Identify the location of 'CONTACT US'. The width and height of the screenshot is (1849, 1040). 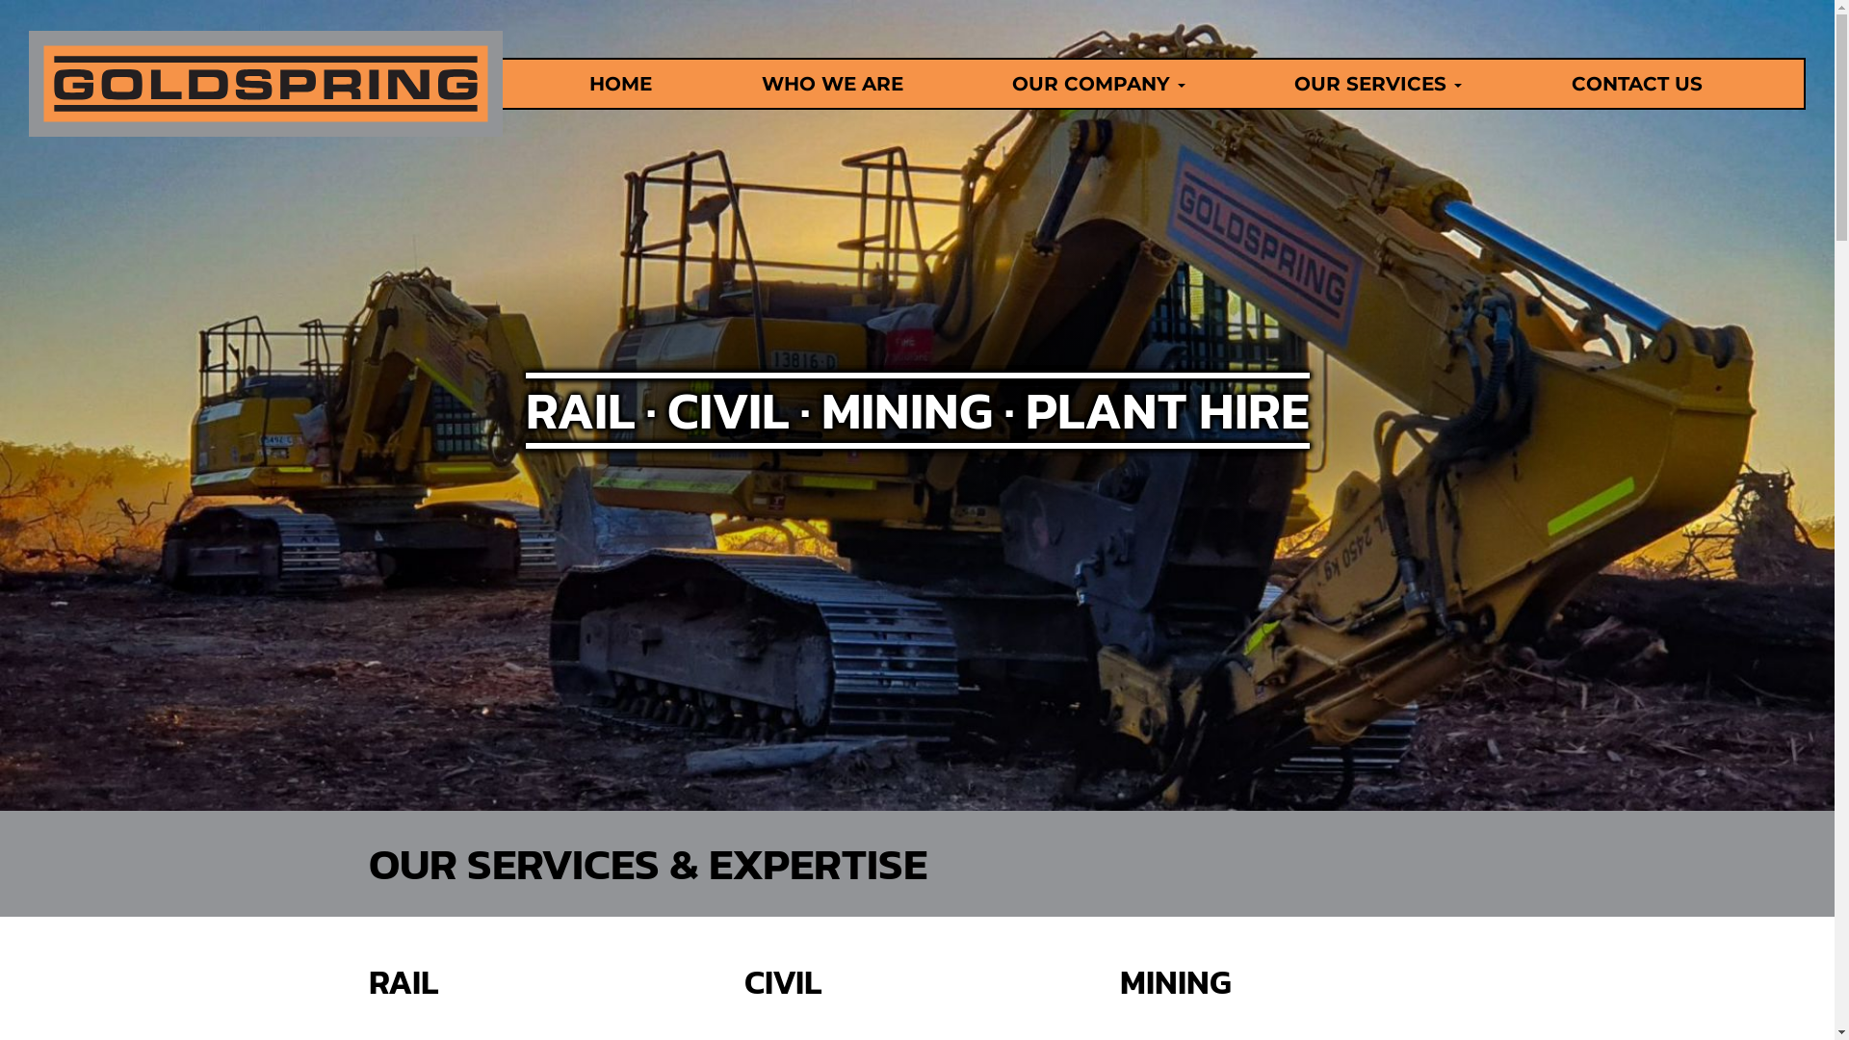
(1635, 83).